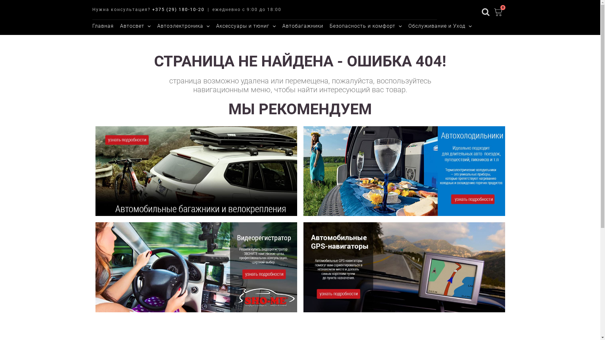  I want to click on '+375 (29) 180-10-20', so click(152, 9).